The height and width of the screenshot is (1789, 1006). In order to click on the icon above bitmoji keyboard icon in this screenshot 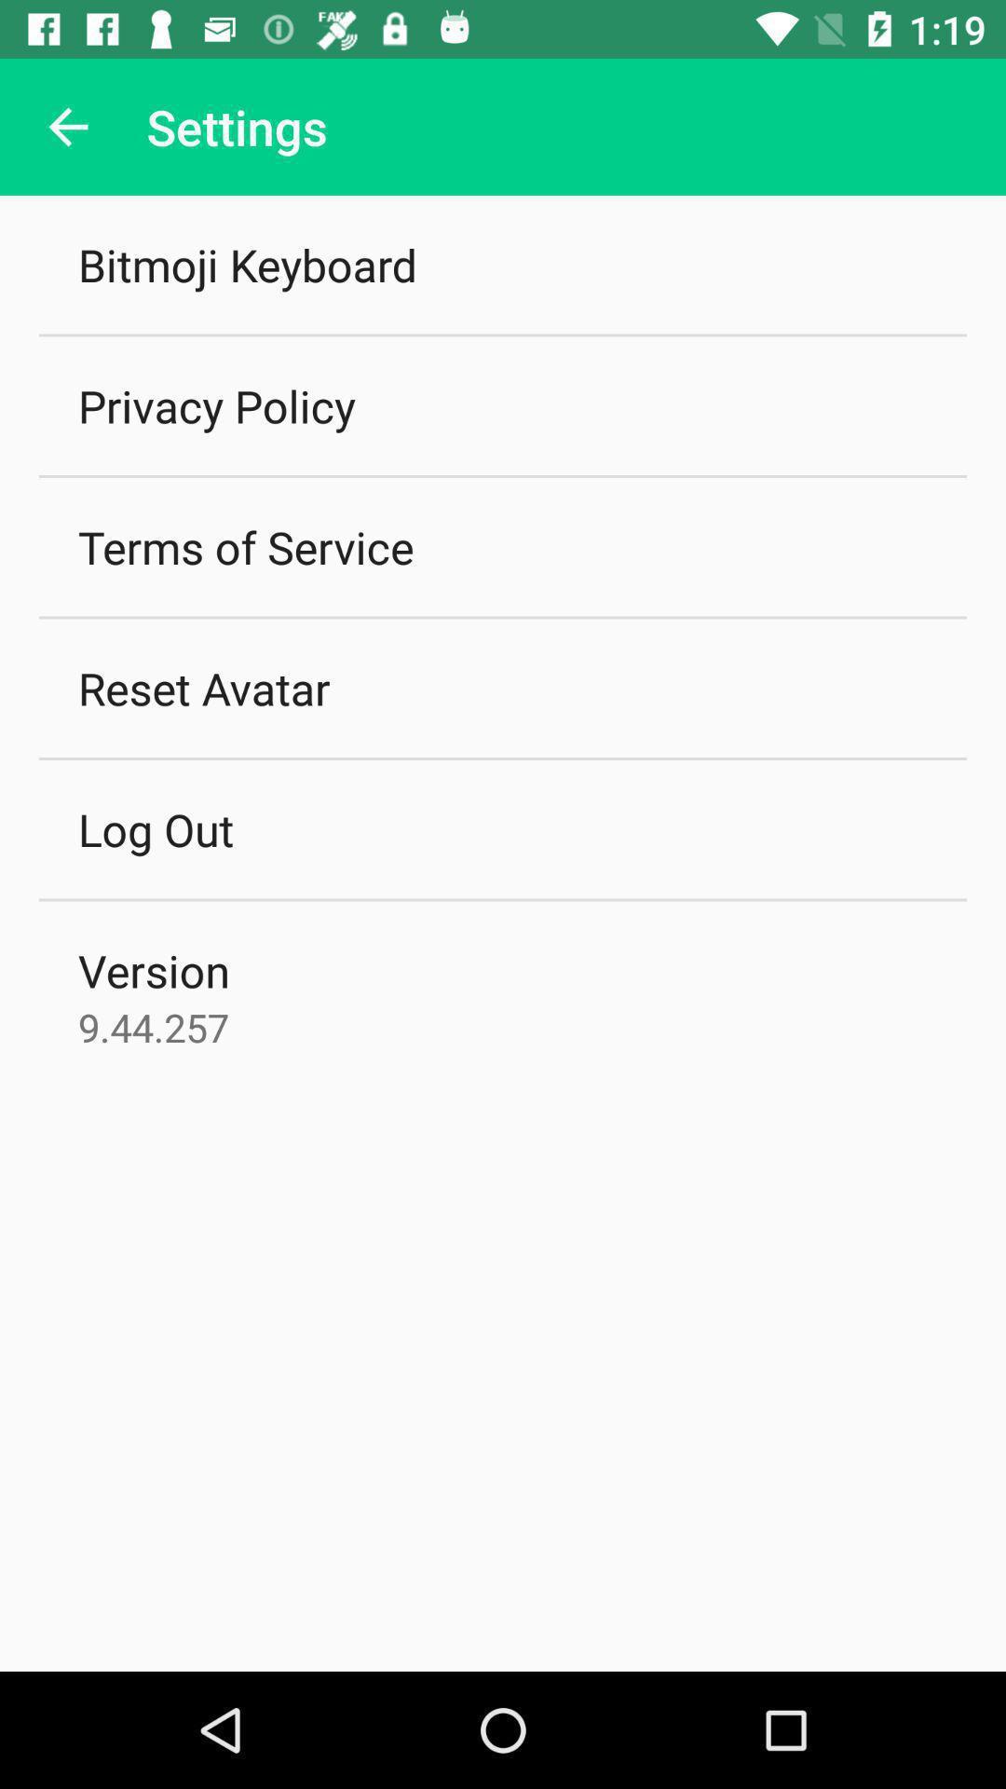, I will do `click(67, 126)`.